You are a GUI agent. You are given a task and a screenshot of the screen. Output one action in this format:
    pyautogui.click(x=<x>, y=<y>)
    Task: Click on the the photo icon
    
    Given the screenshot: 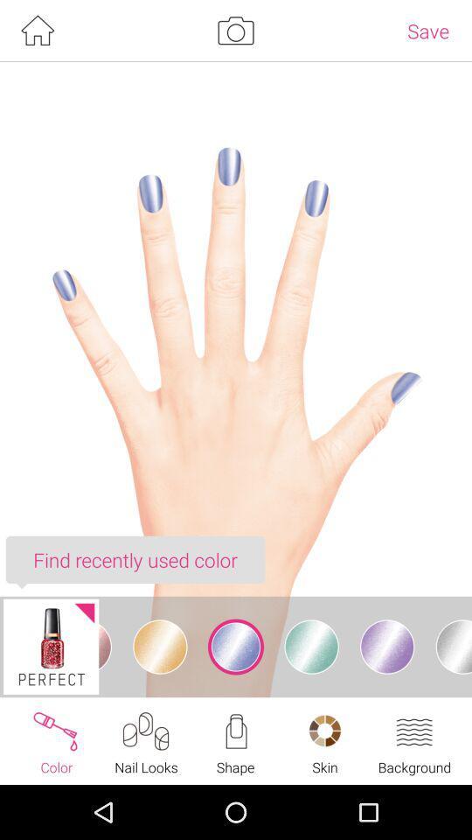 What is the action you would take?
    pyautogui.click(x=235, y=31)
    